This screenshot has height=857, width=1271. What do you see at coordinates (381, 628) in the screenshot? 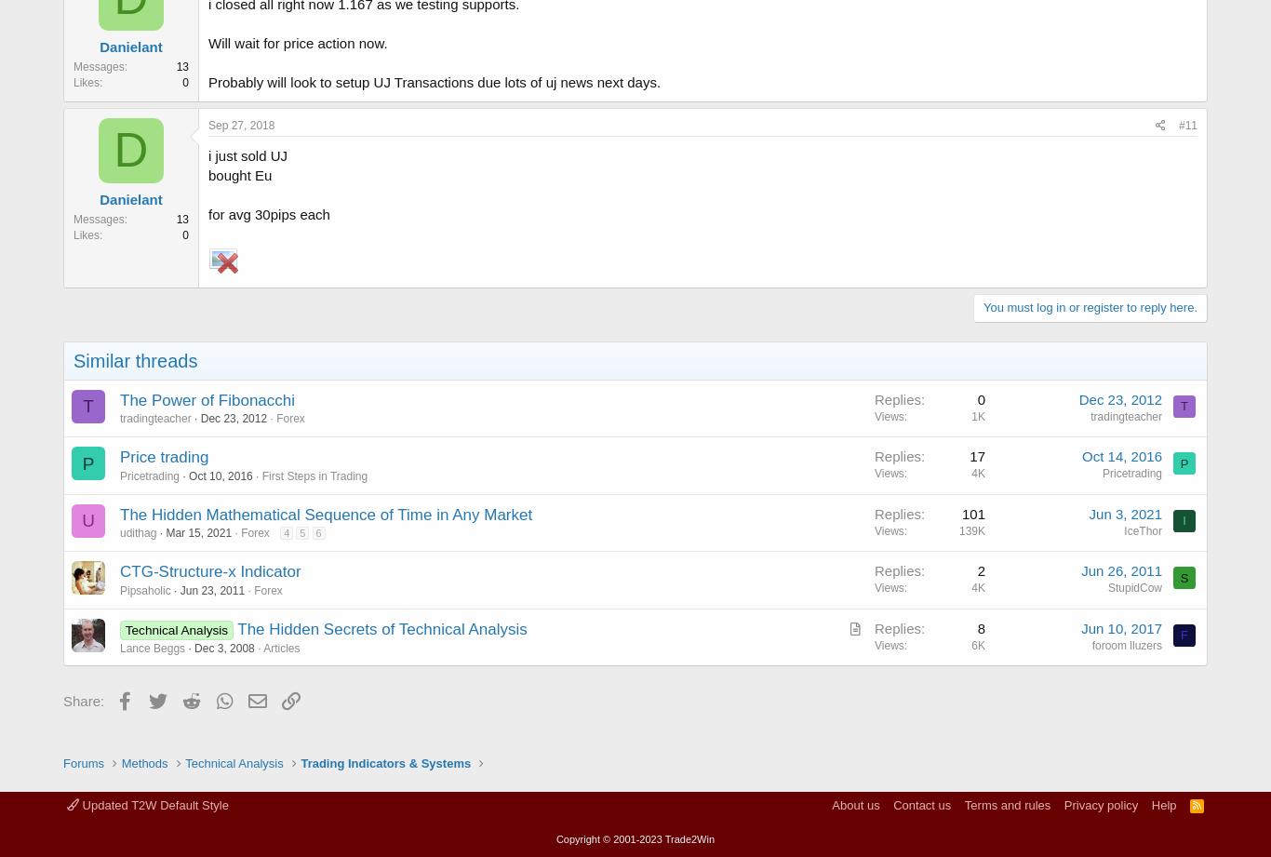
I see `'The Hidden Secrets of Technical Analysis'` at bounding box center [381, 628].